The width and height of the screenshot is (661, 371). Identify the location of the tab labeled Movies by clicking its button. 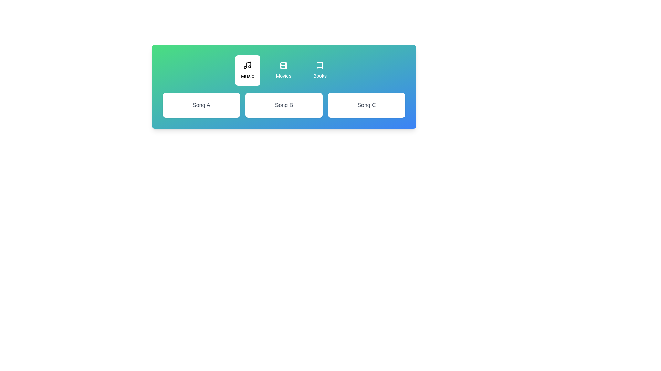
(283, 70).